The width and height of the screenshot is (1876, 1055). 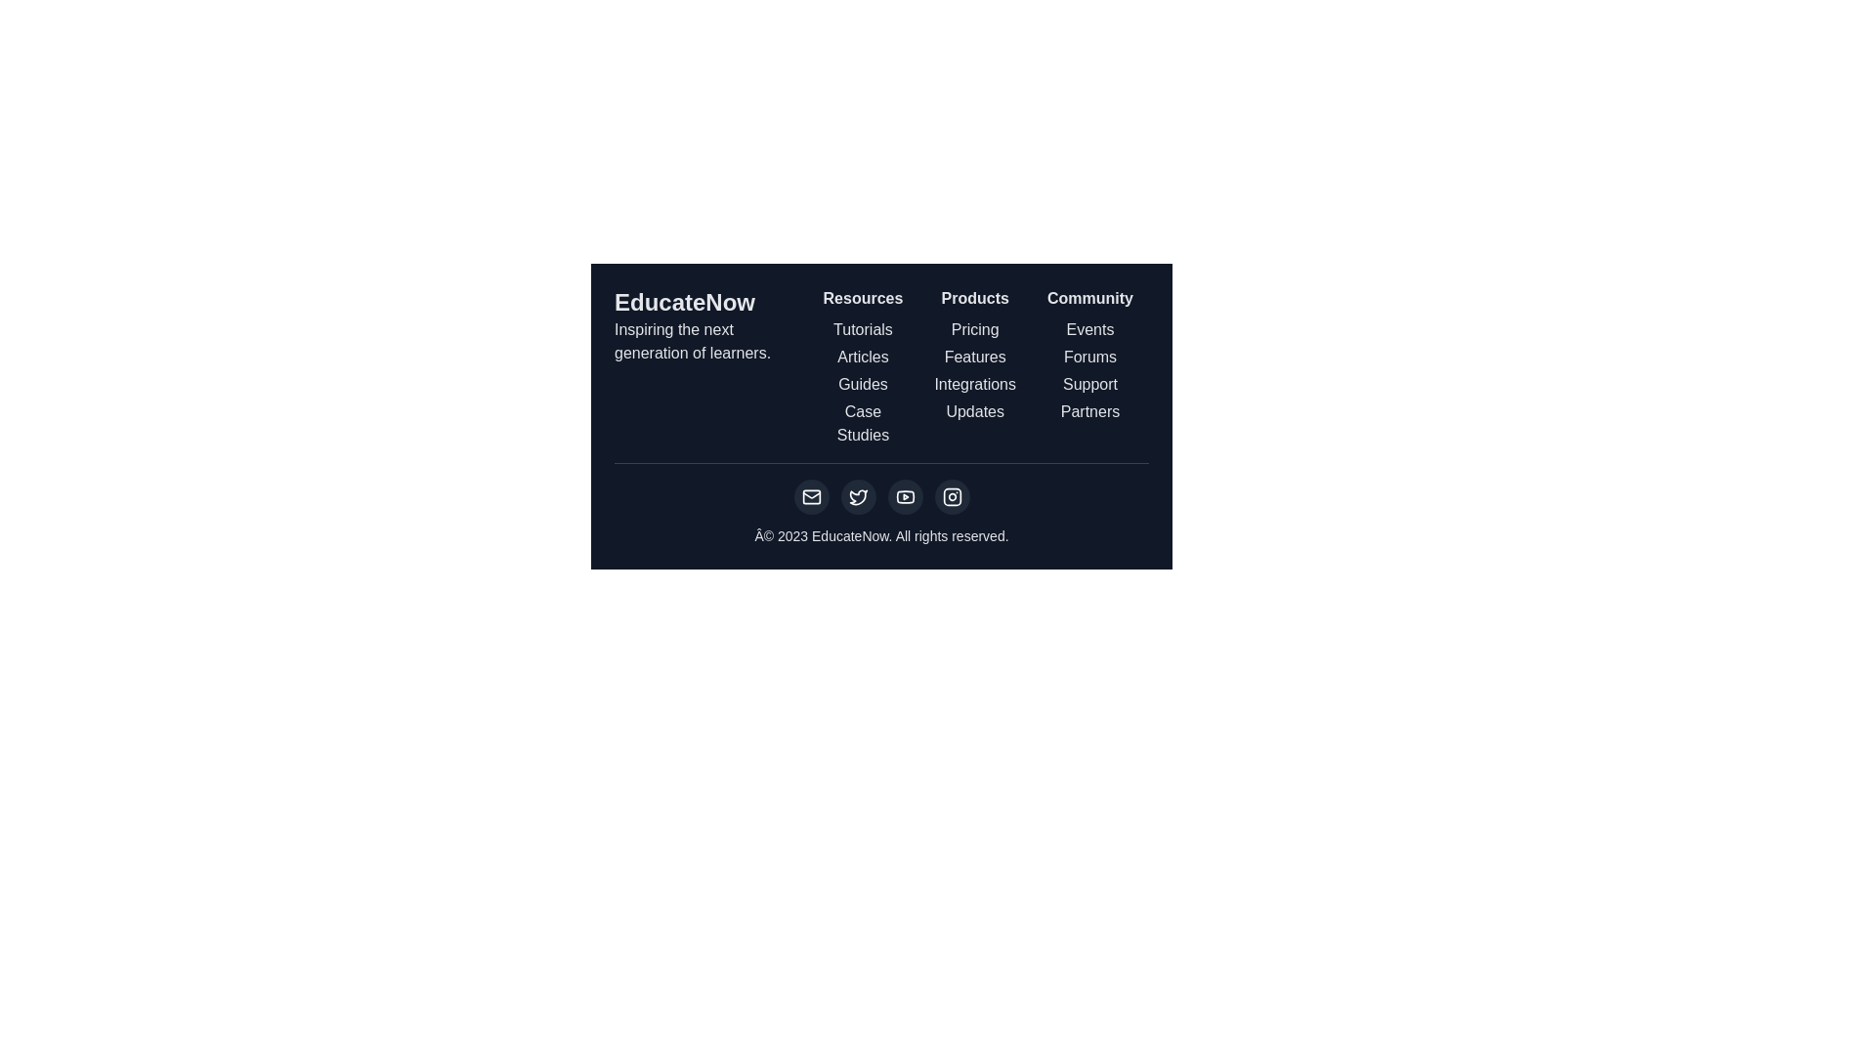 I want to click on the rightmost icon button for navigating to the Instagram page associated with the website, so click(x=952, y=496).